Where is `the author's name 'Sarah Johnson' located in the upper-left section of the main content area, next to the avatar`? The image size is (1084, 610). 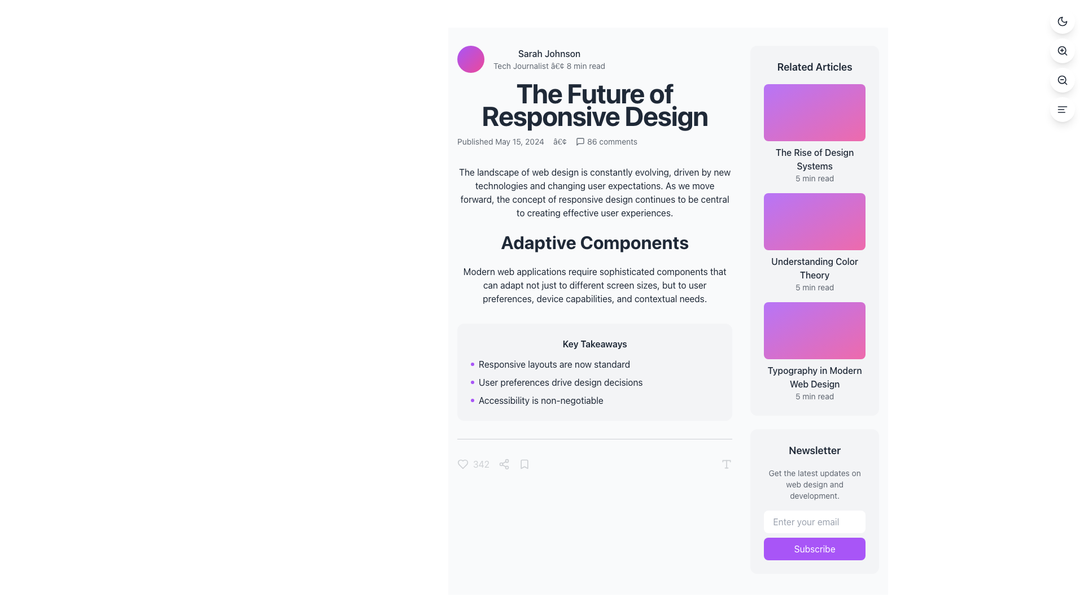
the author's name 'Sarah Johnson' located in the upper-left section of the main content area, next to the avatar is located at coordinates (549, 59).